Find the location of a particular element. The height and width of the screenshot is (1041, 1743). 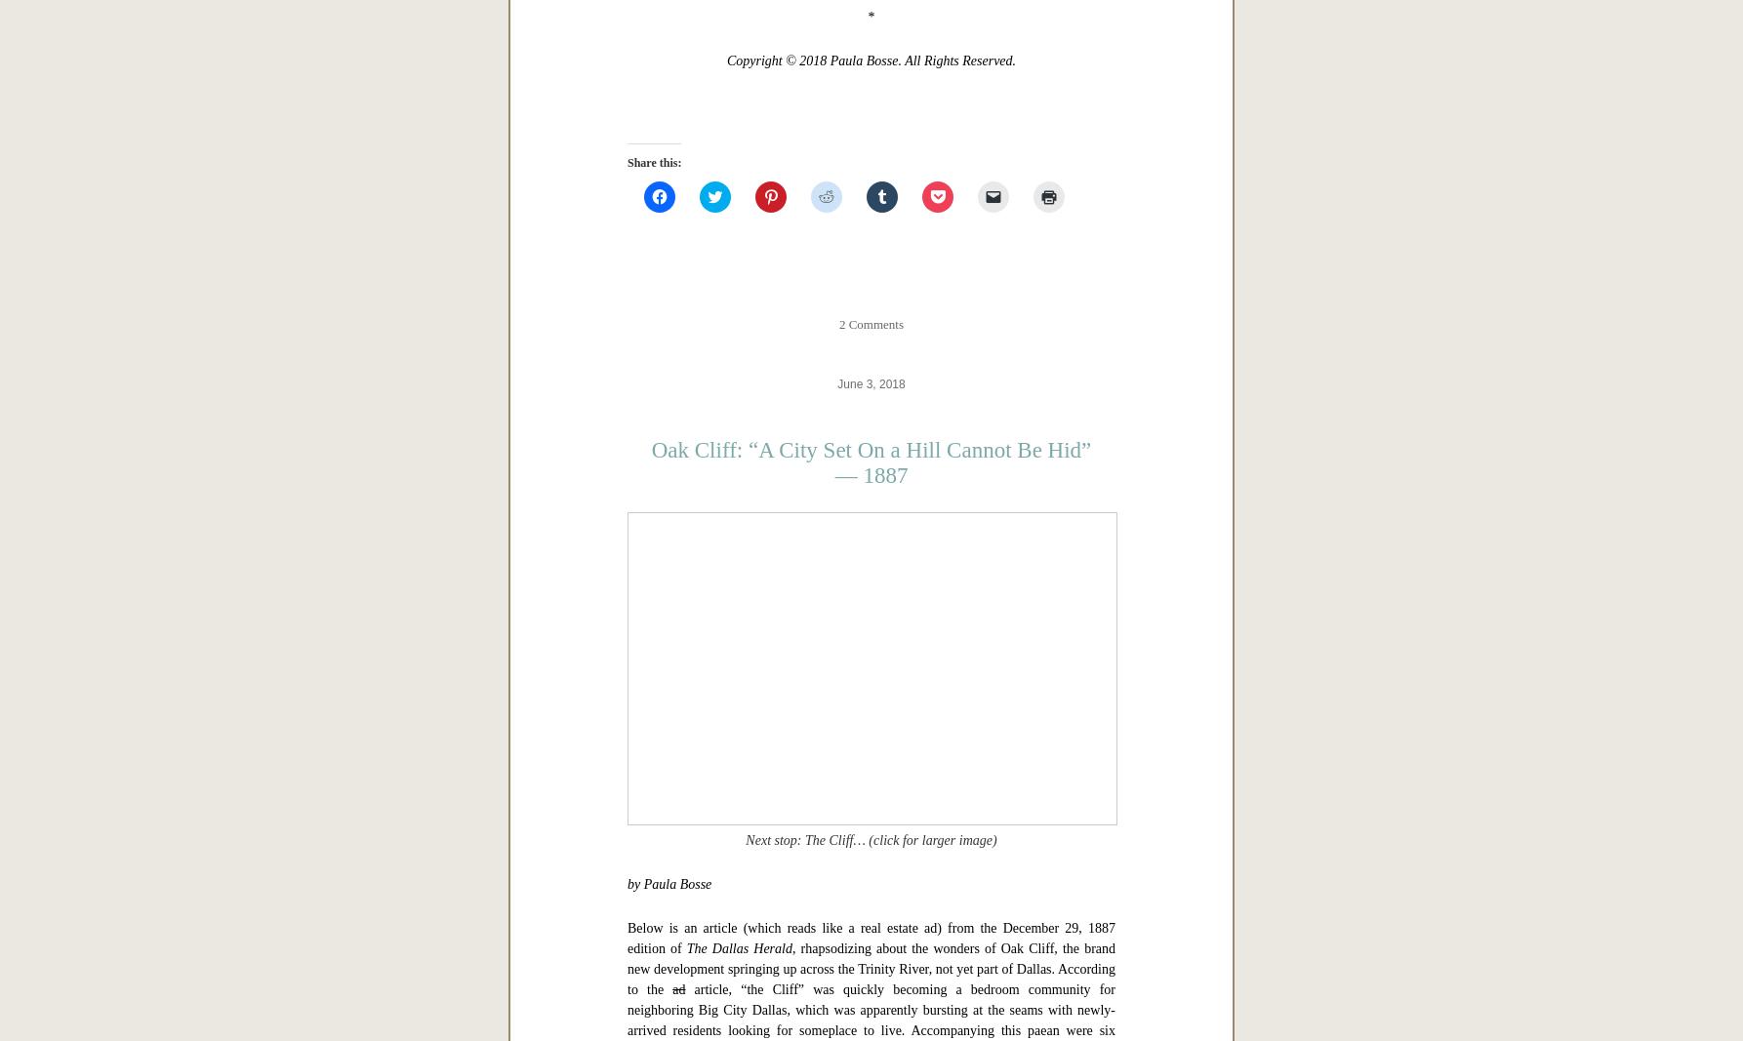

'(the Dallas issue begins on page 195 of the PDF). Thank you, UIUC!' is located at coordinates (839, 308).